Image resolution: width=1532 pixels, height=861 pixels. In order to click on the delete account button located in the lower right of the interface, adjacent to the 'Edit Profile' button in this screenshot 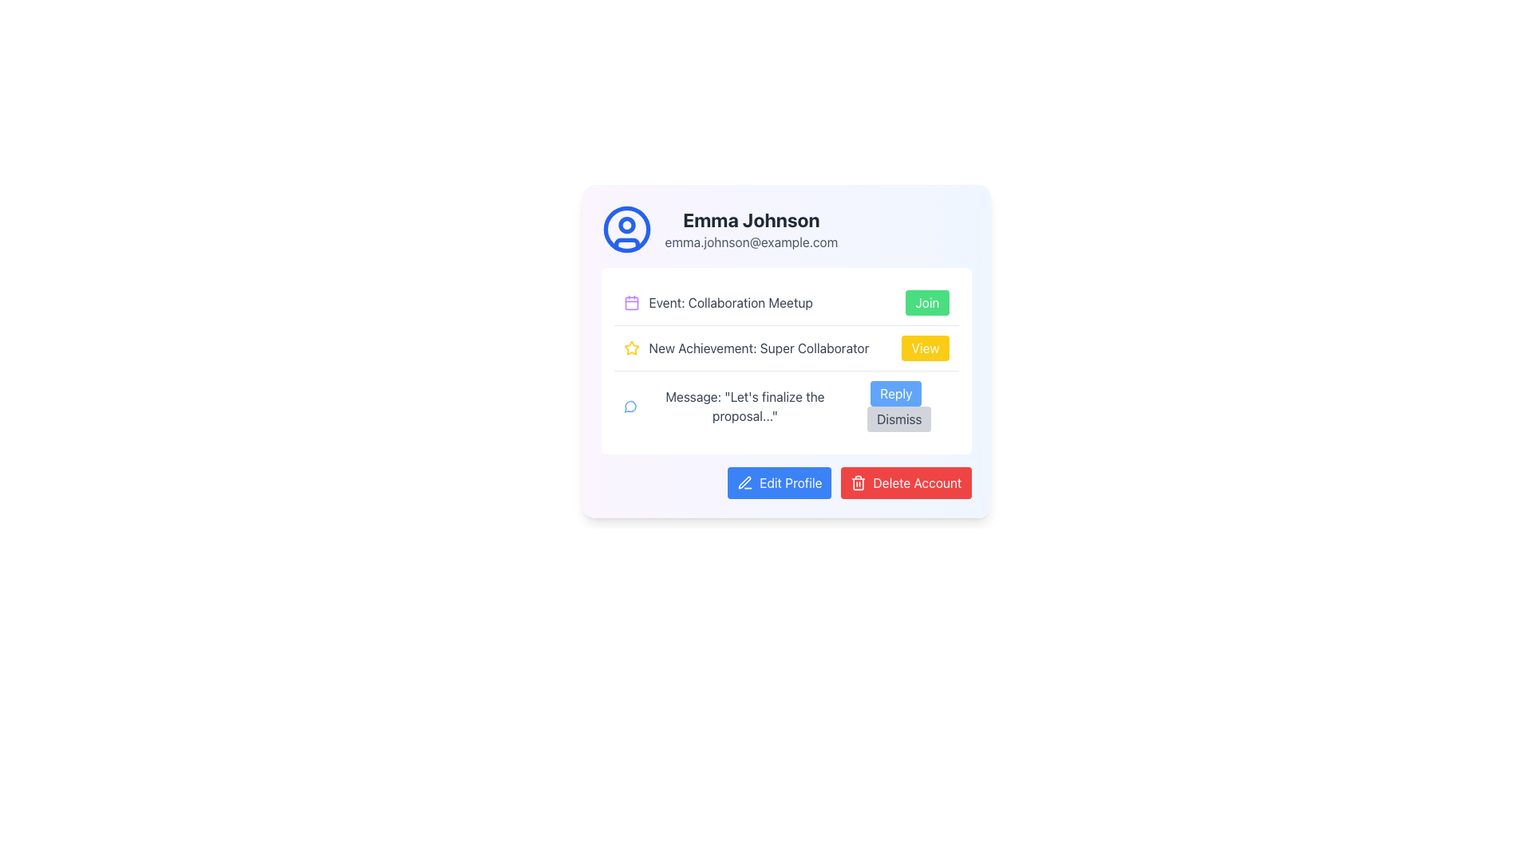, I will do `click(906, 482)`.